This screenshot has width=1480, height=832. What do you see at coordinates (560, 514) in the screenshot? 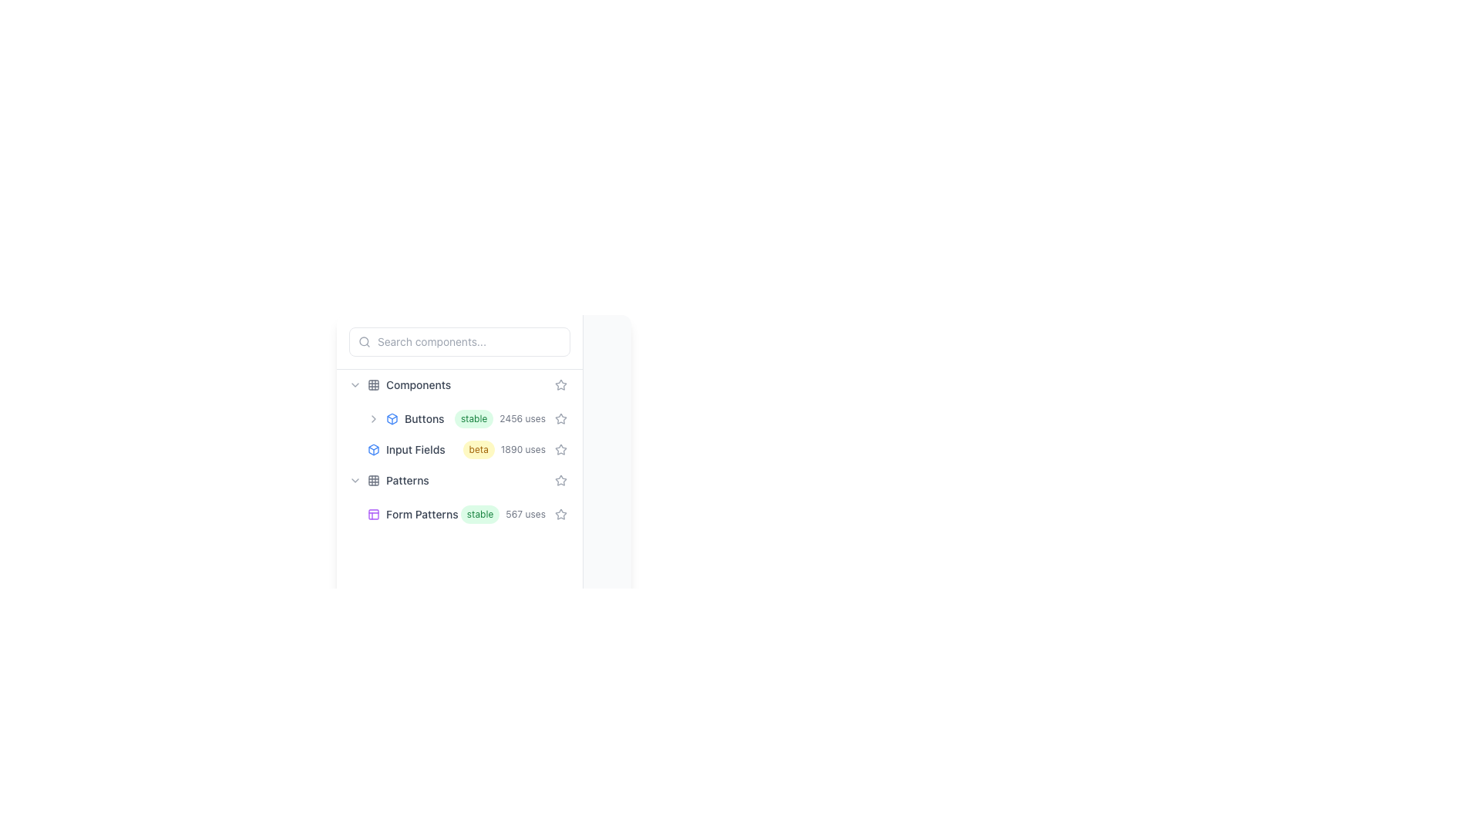
I see `the small star-shaped icon styled in gray, located to the right of the text '567 uses'` at bounding box center [560, 514].